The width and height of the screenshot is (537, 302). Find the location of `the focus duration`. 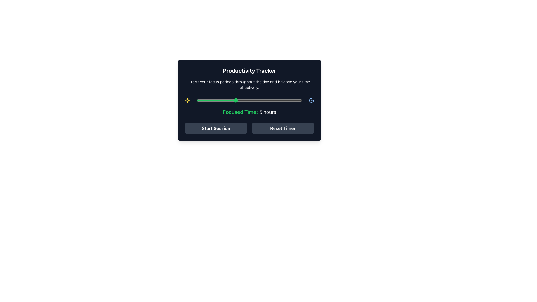

the focus duration is located at coordinates (283, 100).